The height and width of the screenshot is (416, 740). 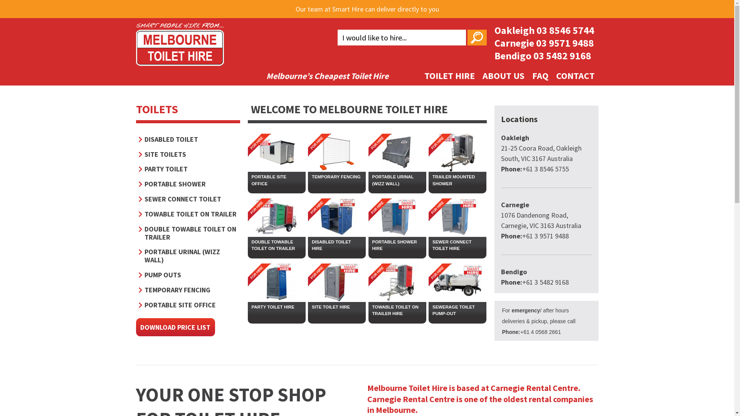 What do you see at coordinates (188, 168) in the screenshot?
I see `'PARTY TOILET'` at bounding box center [188, 168].